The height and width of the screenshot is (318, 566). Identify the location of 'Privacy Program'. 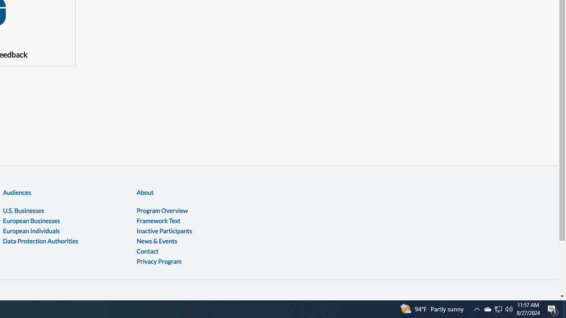
(159, 260).